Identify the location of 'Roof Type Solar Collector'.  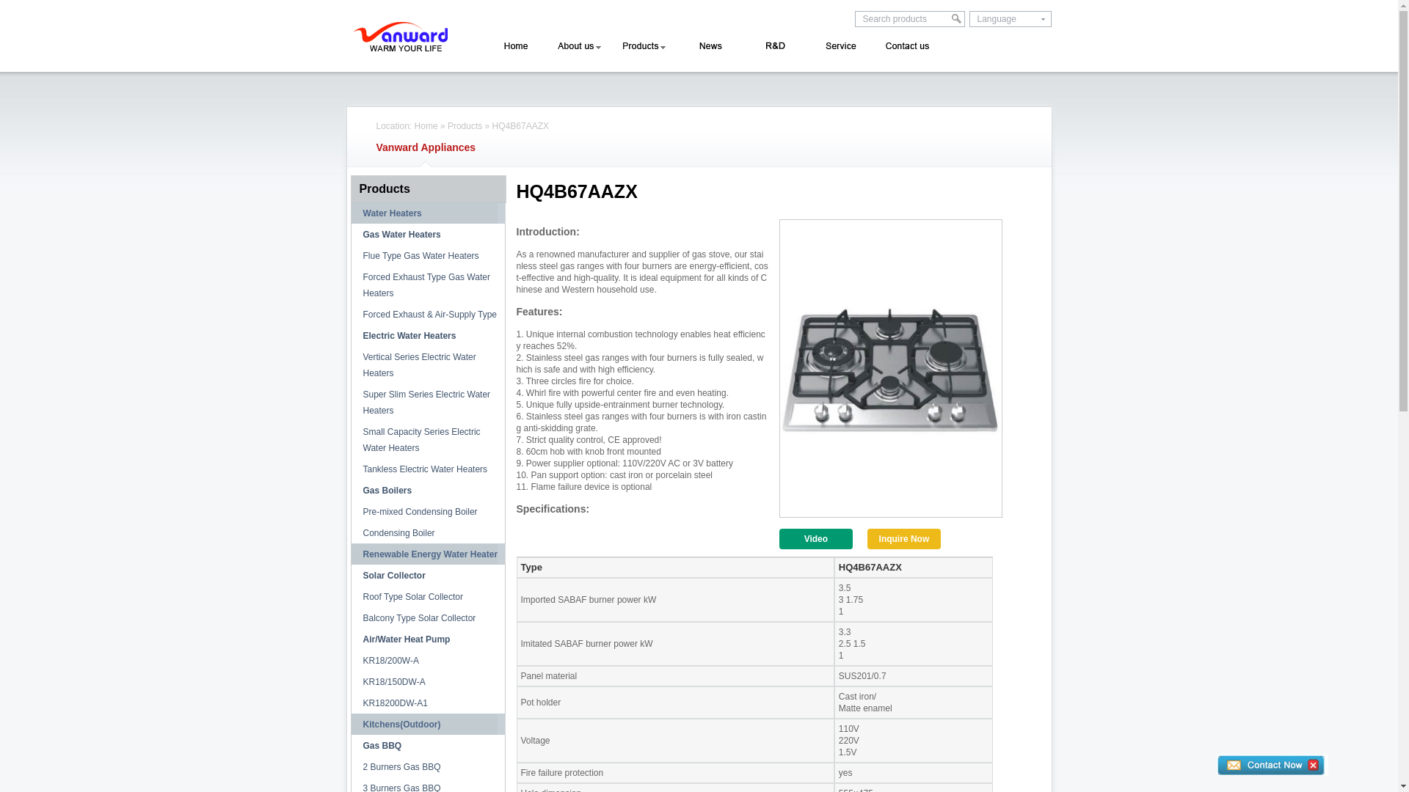
(350, 596).